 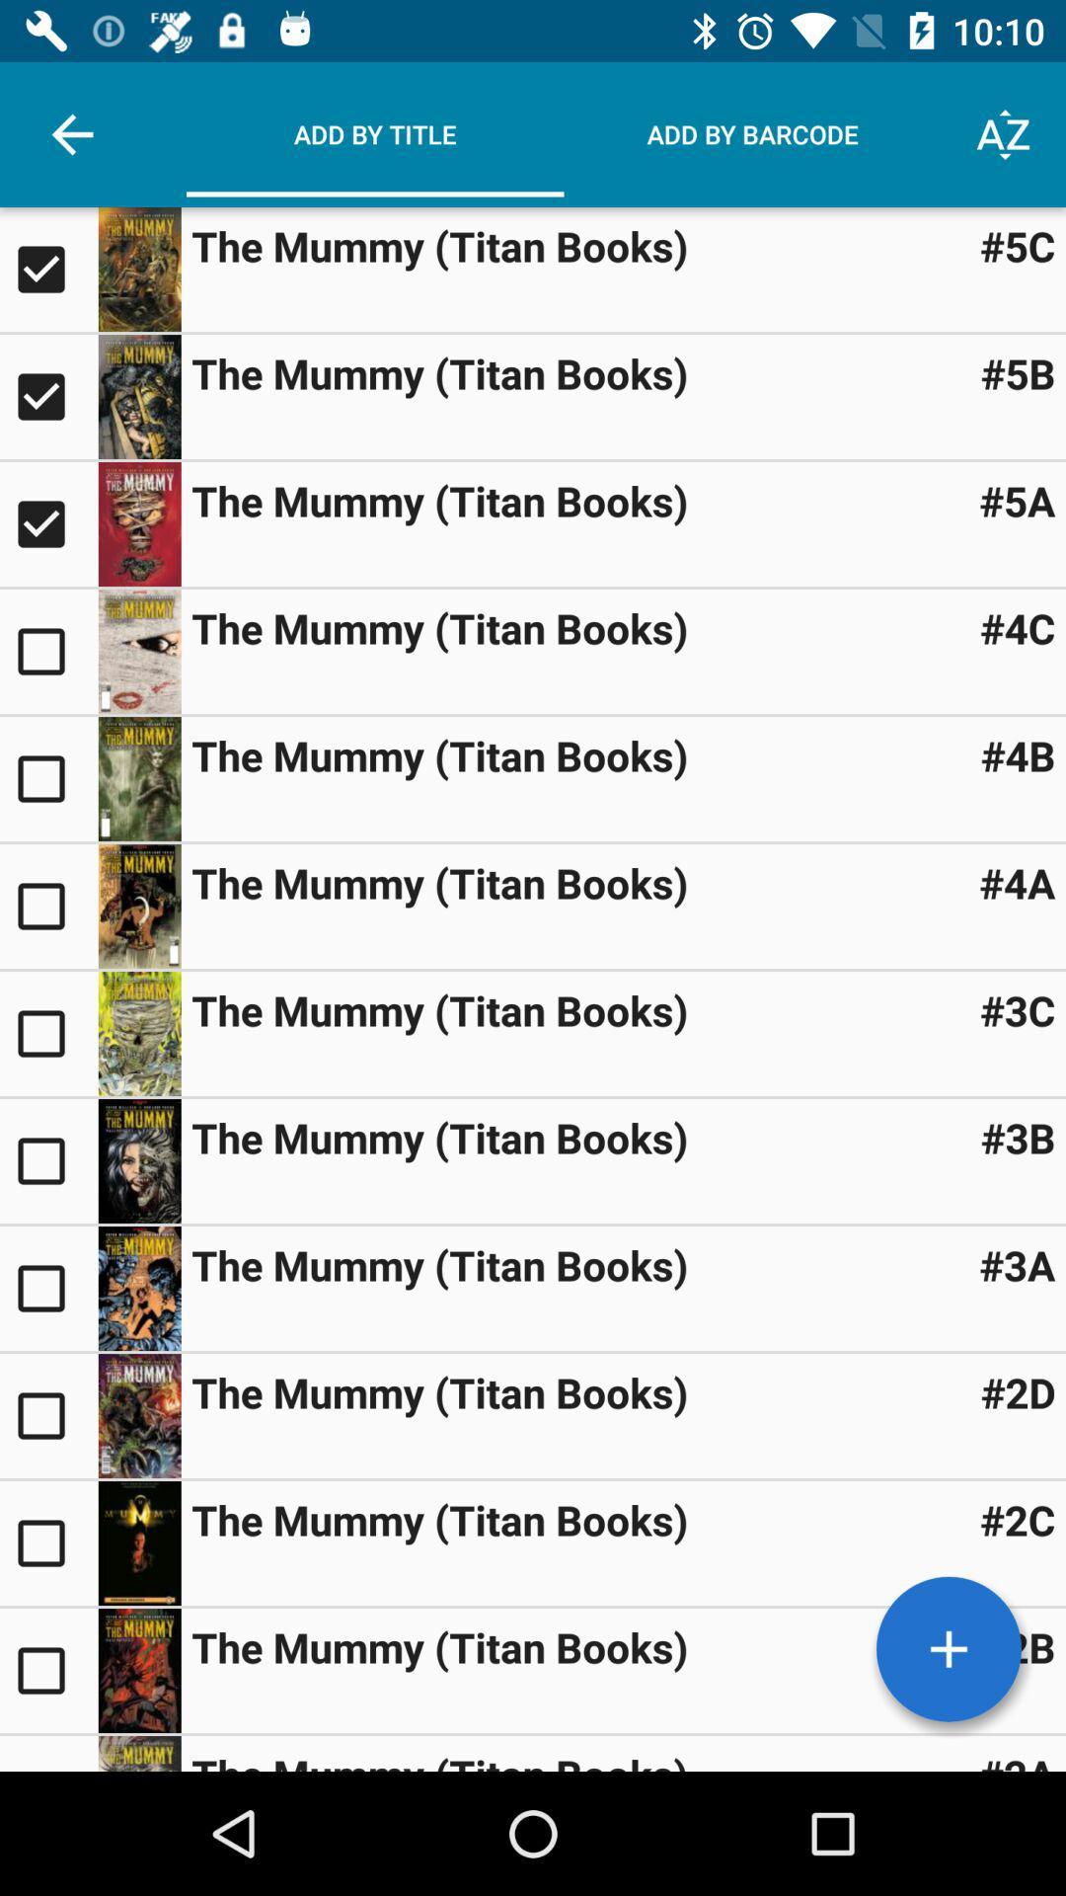 I want to click on the icon to the right of the mummy titan, so click(x=1018, y=753).